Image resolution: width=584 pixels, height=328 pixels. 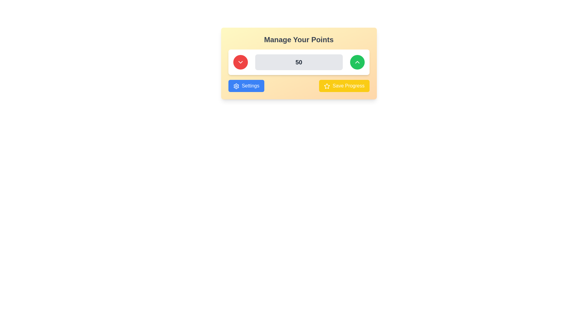 I want to click on the five-pointed star icon, which is filled with a yellow hue and located near the center of the interface, so click(x=327, y=86).